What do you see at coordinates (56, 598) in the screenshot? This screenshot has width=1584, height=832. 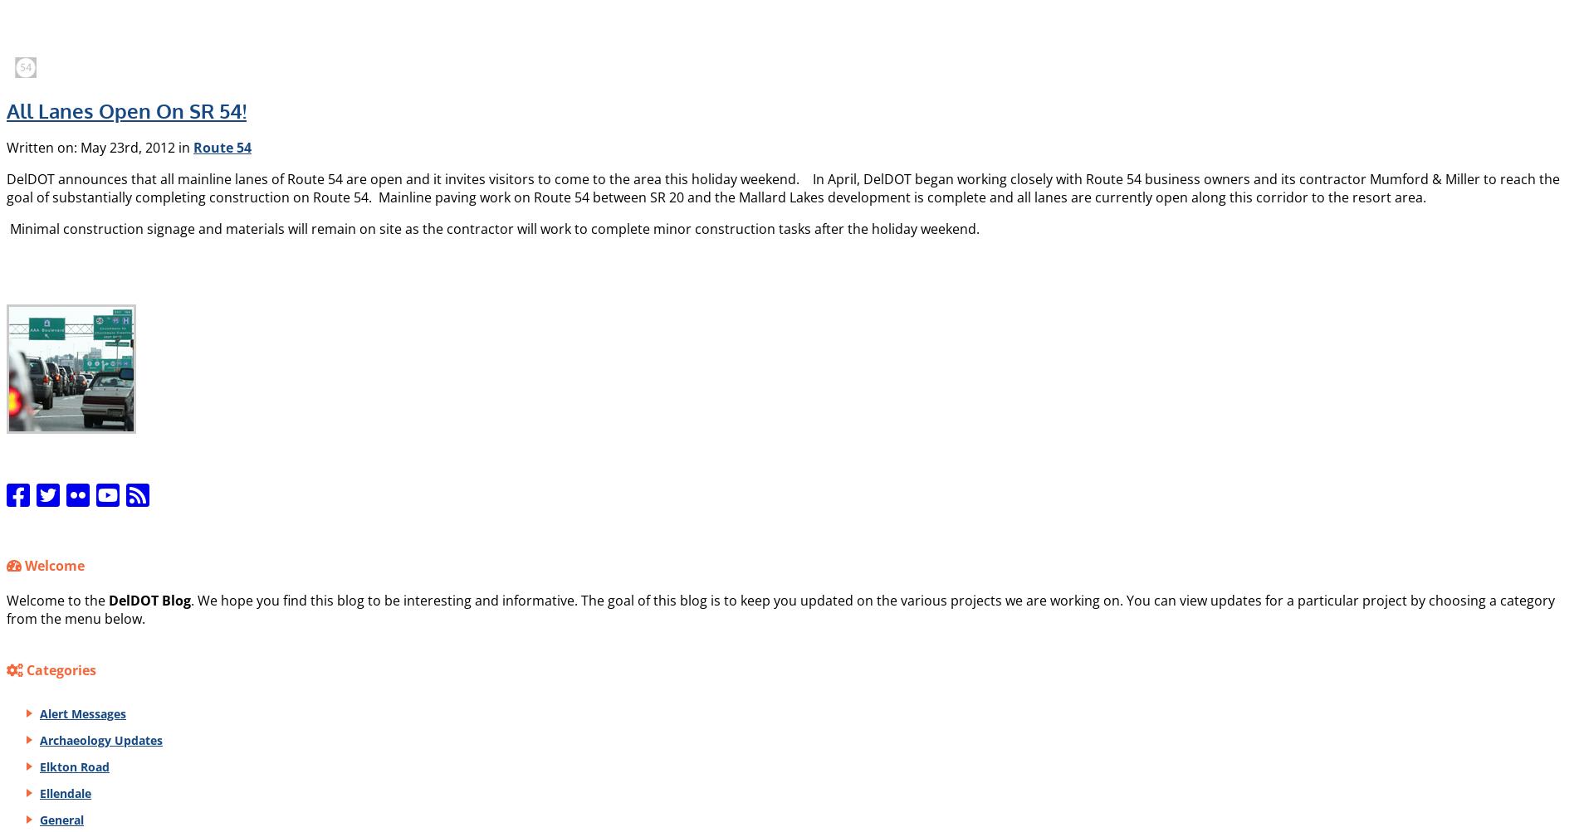 I see `'Welcome to the'` at bounding box center [56, 598].